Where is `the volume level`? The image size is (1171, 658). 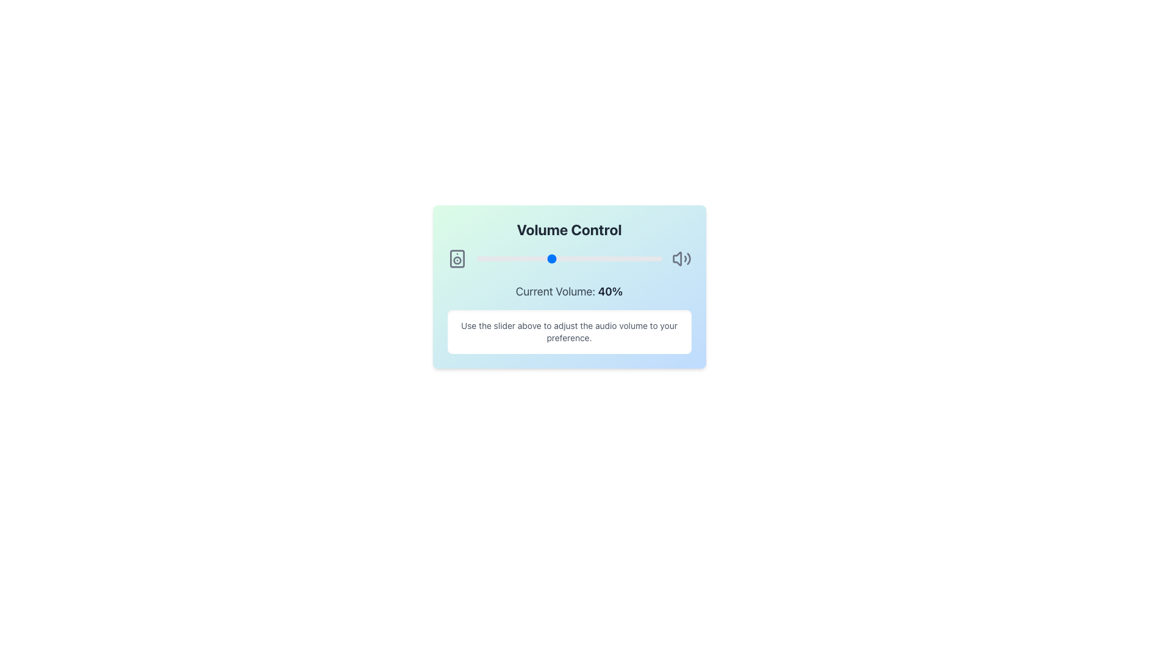 the volume level is located at coordinates (514, 258).